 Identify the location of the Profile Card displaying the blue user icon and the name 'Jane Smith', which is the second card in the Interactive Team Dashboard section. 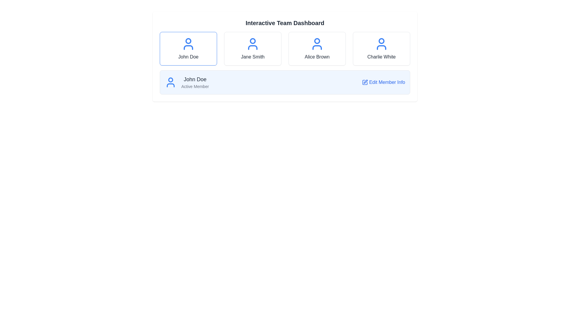
(252, 48).